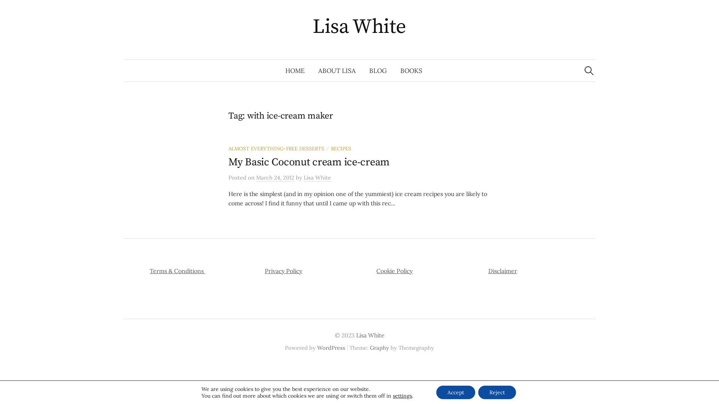  Describe the element at coordinates (331, 348) in the screenshot. I see `'WordPress'` at that location.